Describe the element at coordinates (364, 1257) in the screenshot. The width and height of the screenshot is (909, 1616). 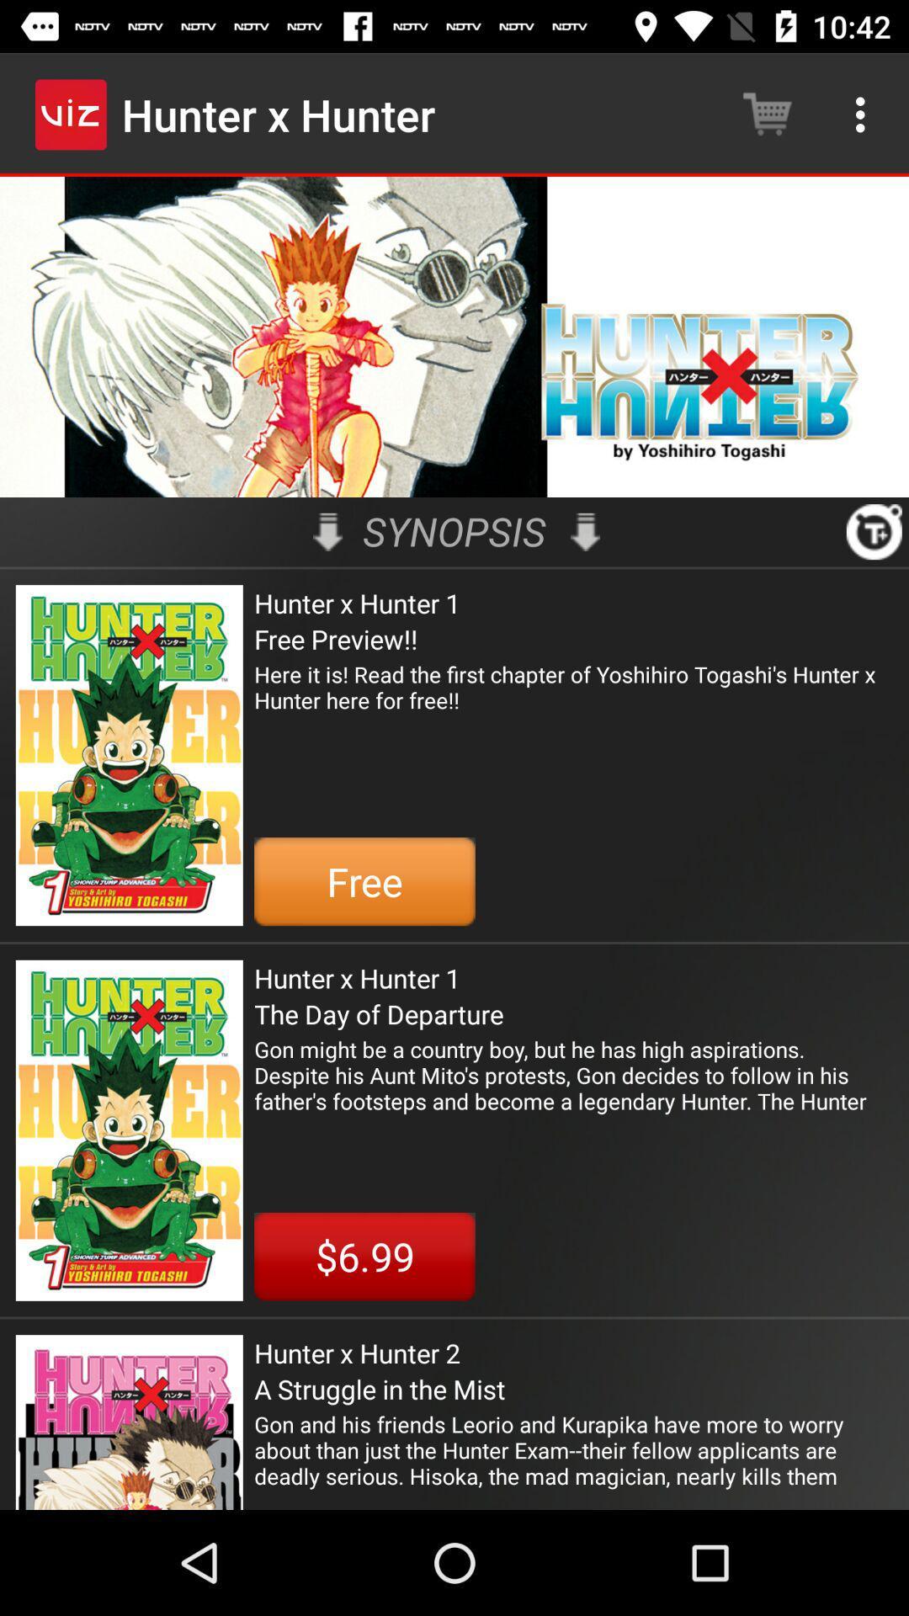
I see `$6.99 item` at that location.